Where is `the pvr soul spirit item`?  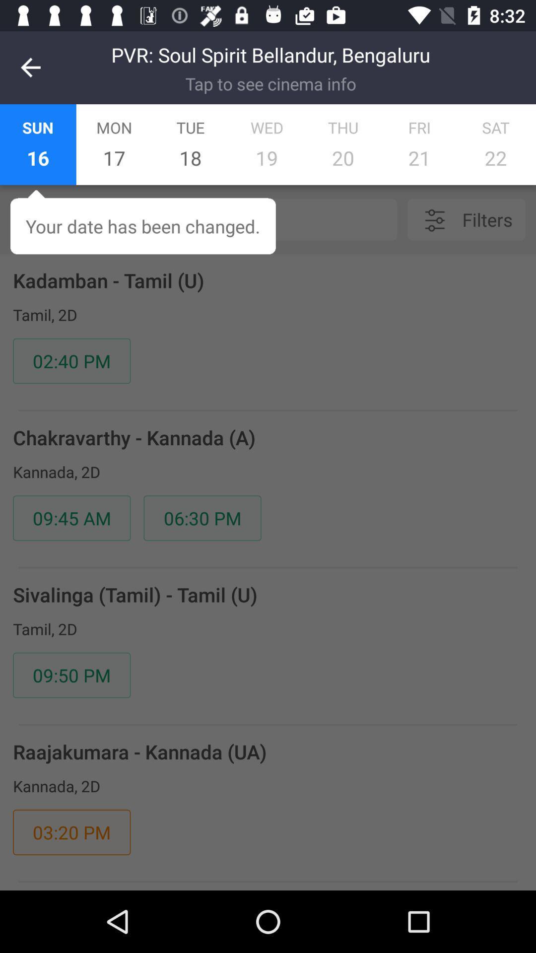 the pvr soul spirit item is located at coordinates (270, 54).